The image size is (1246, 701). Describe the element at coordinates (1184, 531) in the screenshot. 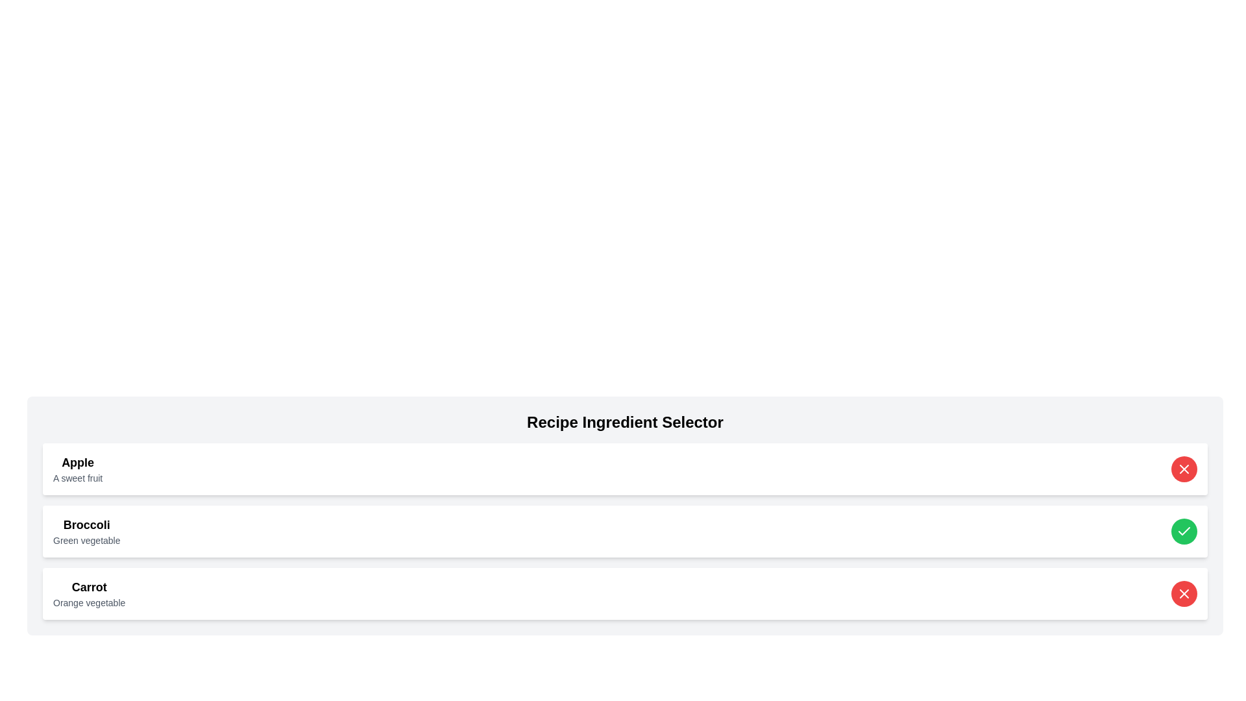

I see `the checkmark icon within the green circular background located in the third row of the table, adjacent to 'Carrot Orange vegetable'` at that location.